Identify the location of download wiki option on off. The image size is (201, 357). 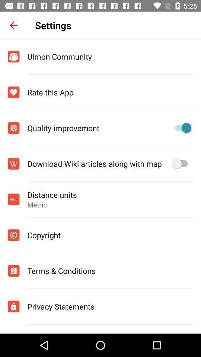
(181, 164).